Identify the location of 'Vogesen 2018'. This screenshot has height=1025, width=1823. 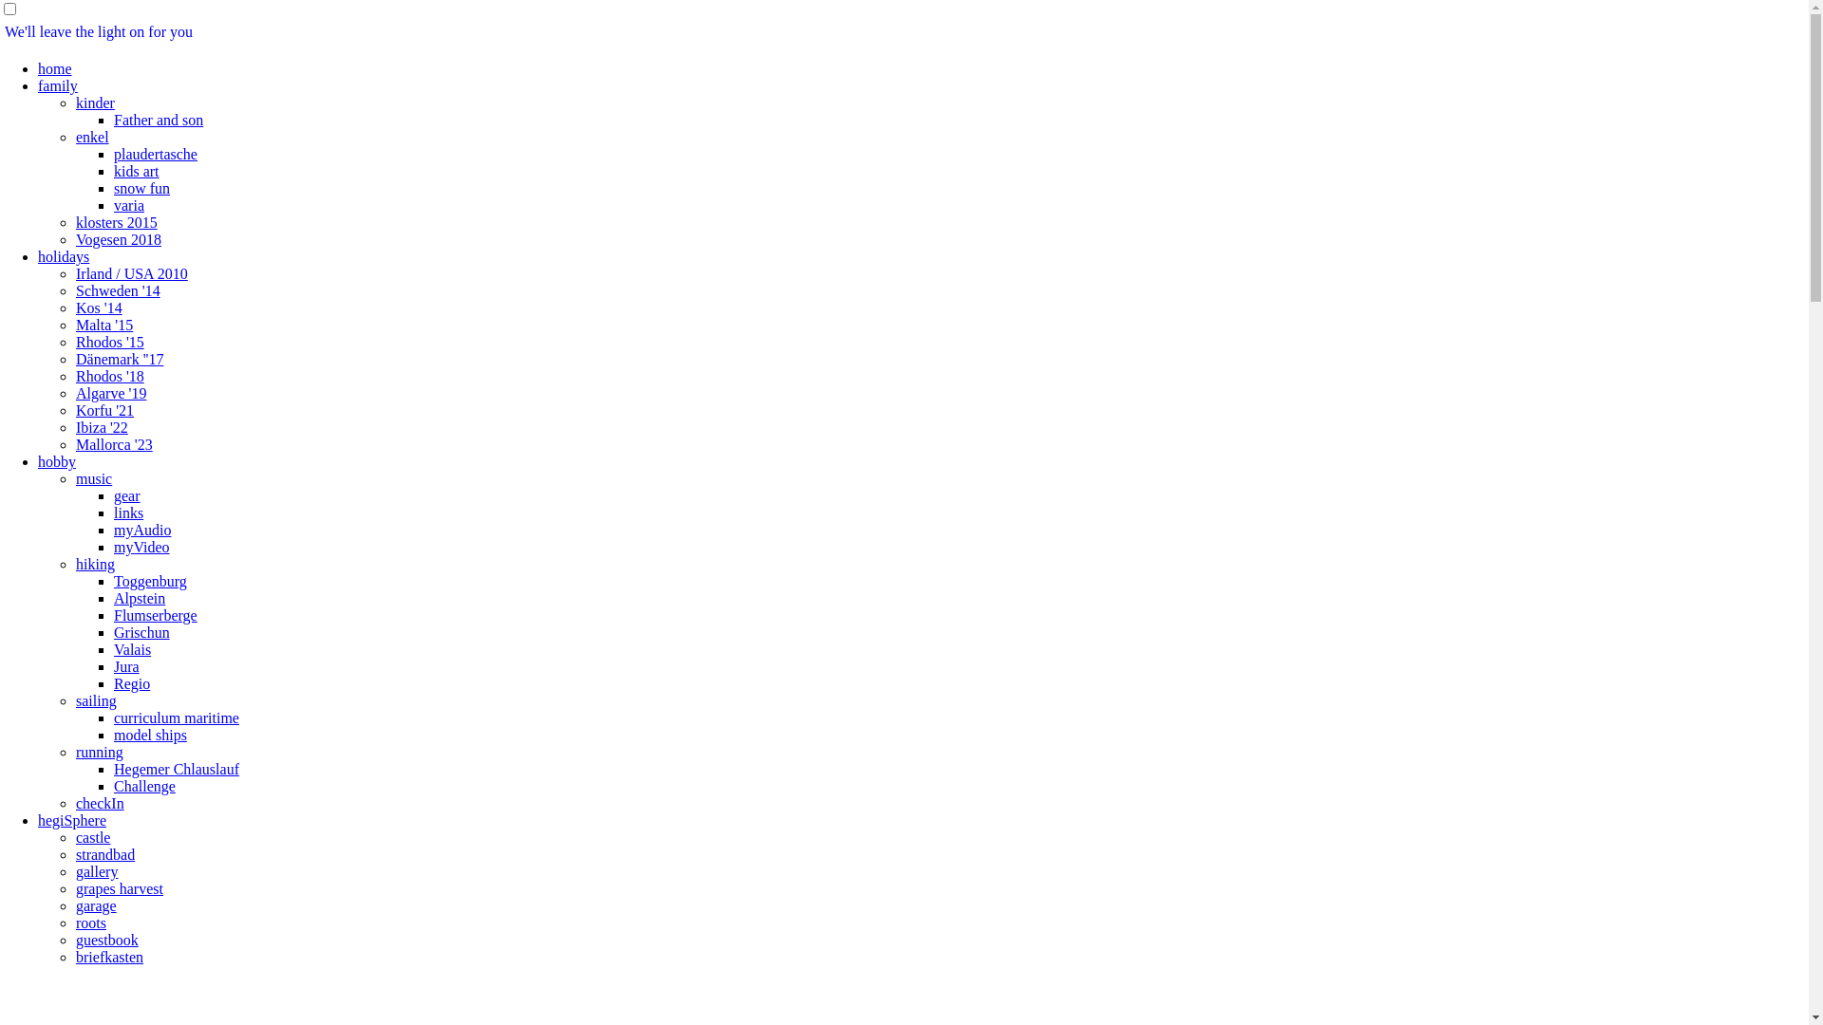
(117, 238).